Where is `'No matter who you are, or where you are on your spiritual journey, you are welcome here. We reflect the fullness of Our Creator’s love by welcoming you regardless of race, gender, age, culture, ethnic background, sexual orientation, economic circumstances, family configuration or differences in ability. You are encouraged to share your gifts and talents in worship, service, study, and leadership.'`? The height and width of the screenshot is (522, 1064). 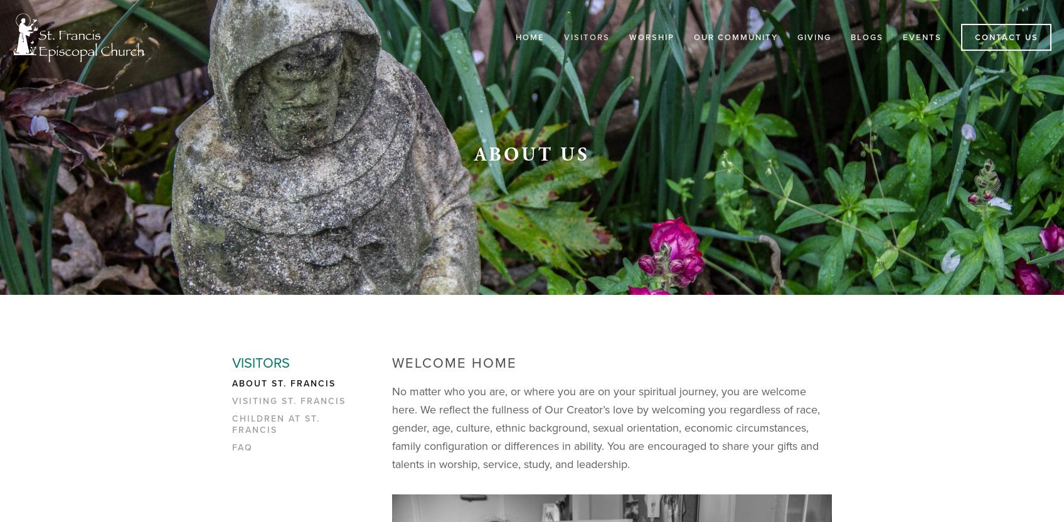 'No matter who you are, or where you are on your spiritual journey, you are welcome here. We reflect the fullness of Our Creator’s love by welcoming you regardless of race, gender, age, culture, ethnic background, sexual orientation, economic circumstances, family configuration or differences in ability. You are encouraged to share your gifts and talents in worship, service, study, and leadership.' is located at coordinates (607, 427).